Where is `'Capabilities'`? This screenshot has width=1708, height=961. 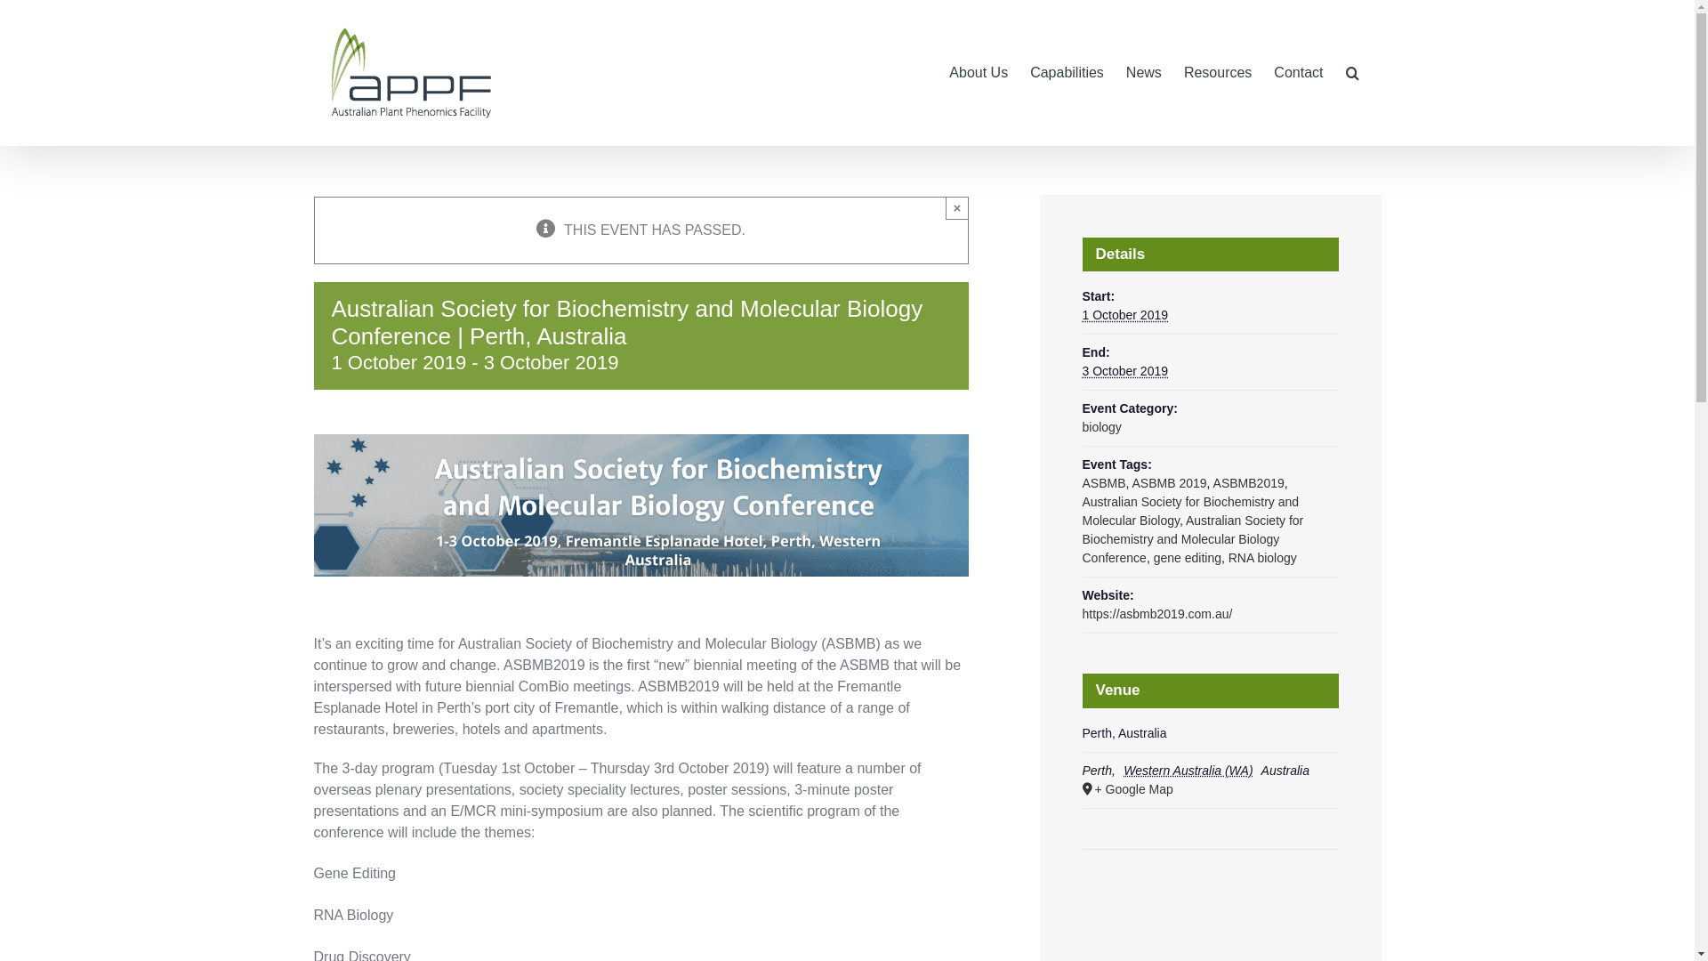 'Capabilities' is located at coordinates (1067, 71).